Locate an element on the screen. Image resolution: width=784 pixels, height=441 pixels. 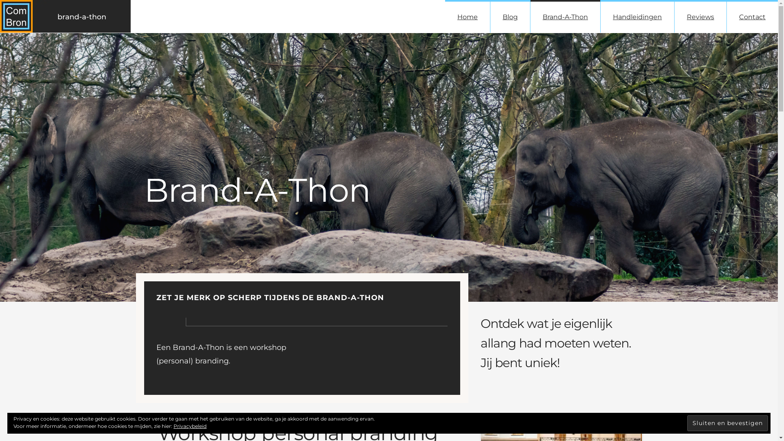
'Handleidingen' is located at coordinates (637, 16).